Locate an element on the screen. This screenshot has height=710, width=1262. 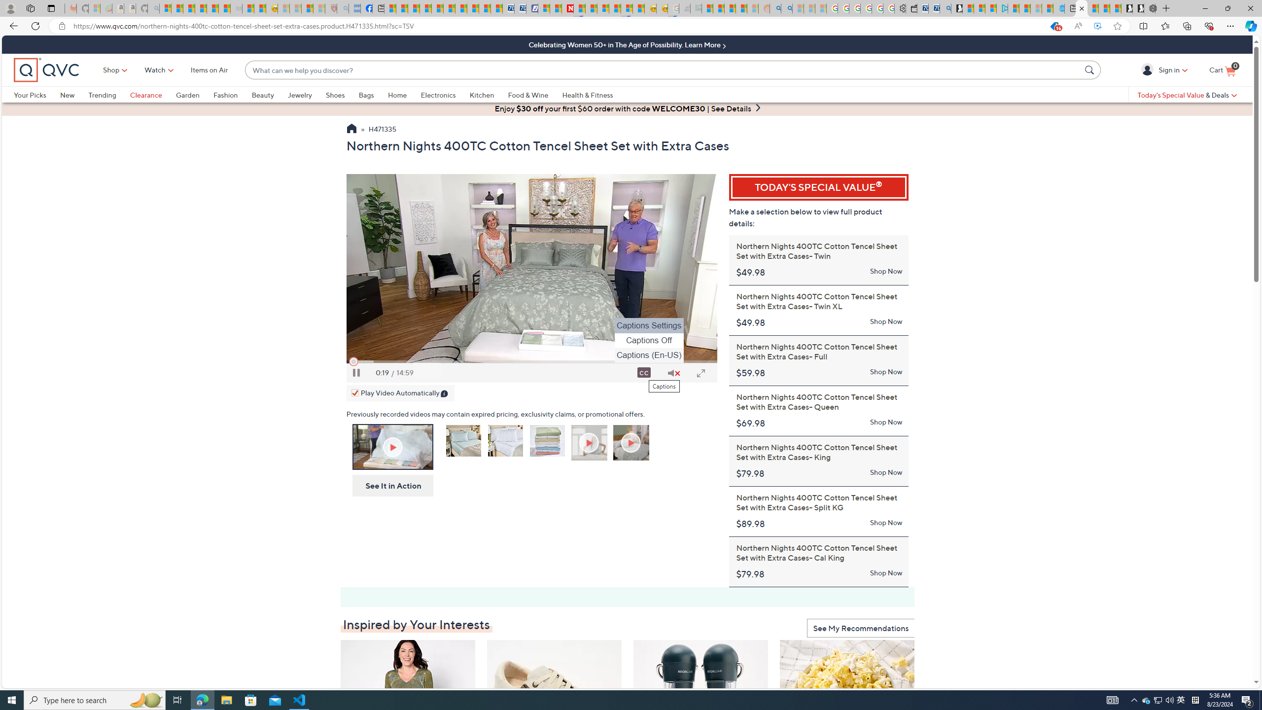
'Garden' is located at coordinates (194, 94).